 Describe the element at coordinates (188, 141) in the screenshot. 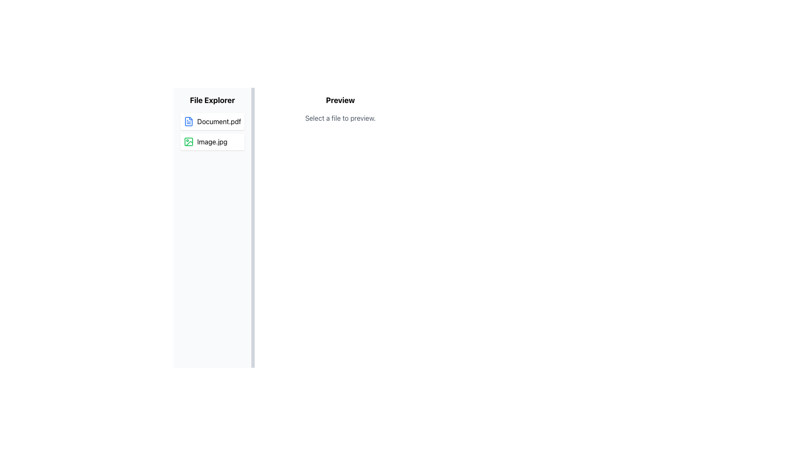

I see `green icon element with rounded corners located next to the file name 'Image.jpg' in the explorer section by clicking on it` at that location.